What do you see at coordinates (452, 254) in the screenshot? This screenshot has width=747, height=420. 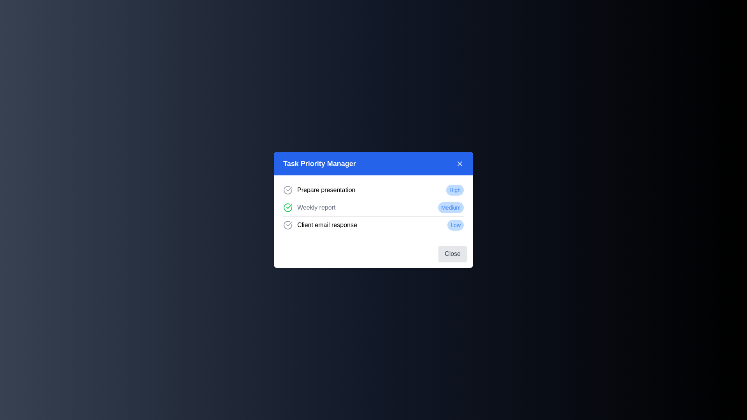 I see `the close button located at the bottom-right corner of the dialog box` at bounding box center [452, 254].